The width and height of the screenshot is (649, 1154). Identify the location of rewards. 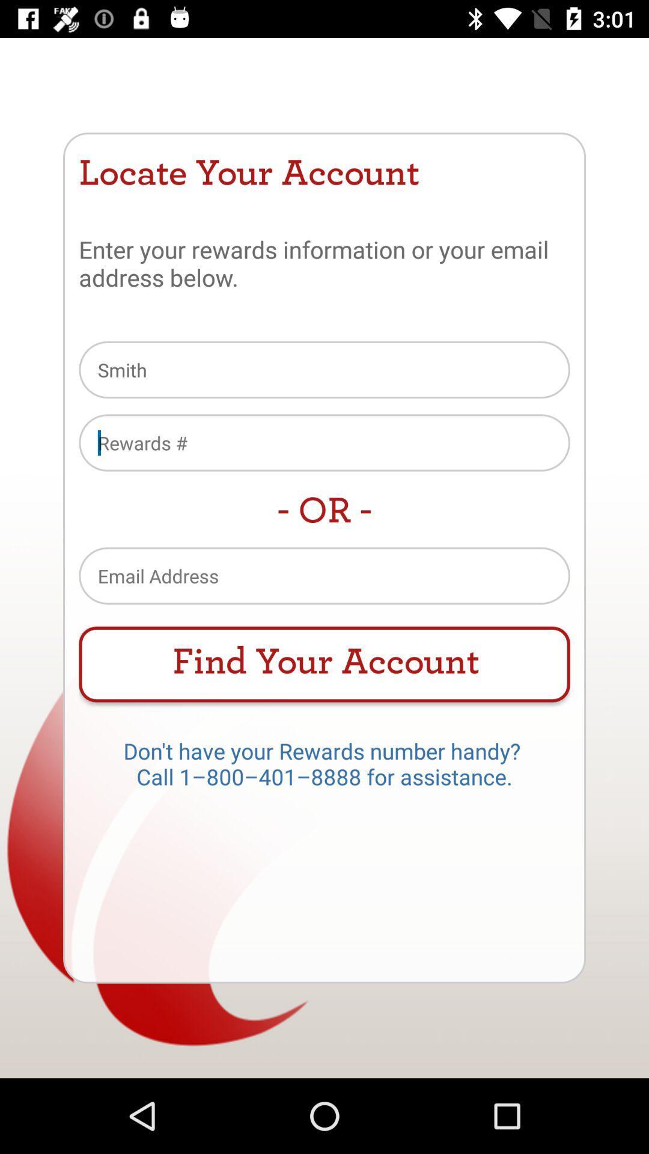
(324, 442).